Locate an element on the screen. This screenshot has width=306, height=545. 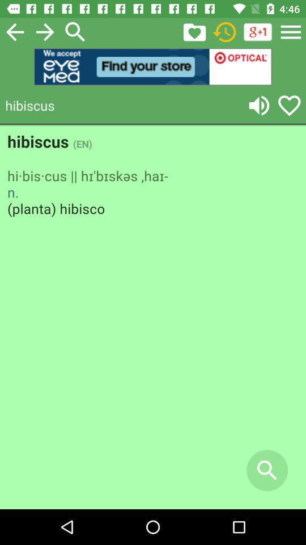
search box is located at coordinates (75, 31).